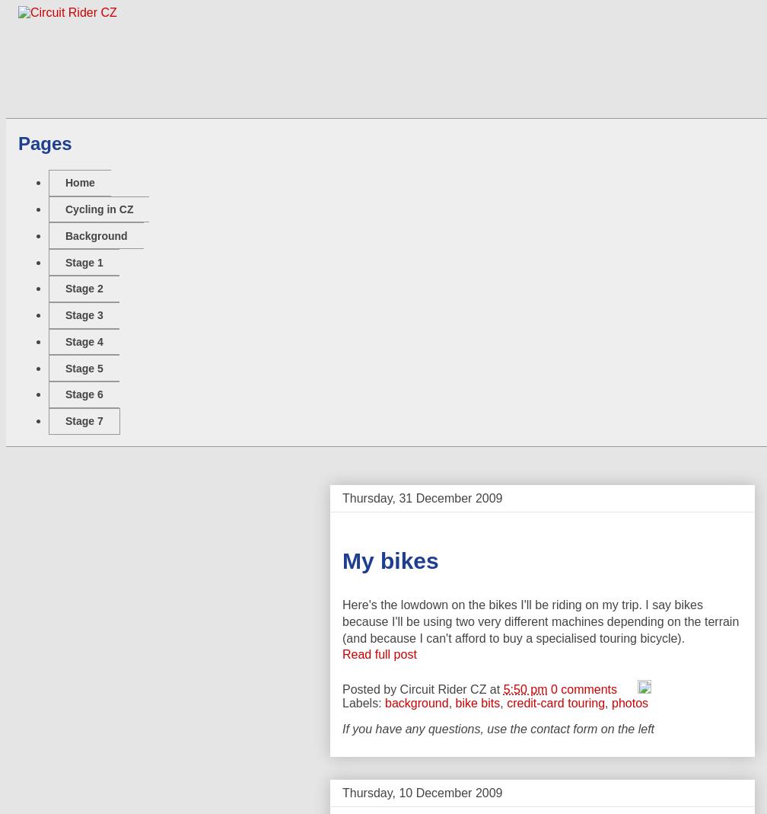 Image resolution: width=767 pixels, height=814 pixels. What do you see at coordinates (84, 340) in the screenshot?
I see `'Stage 4'` at bounding box center [84, 340].